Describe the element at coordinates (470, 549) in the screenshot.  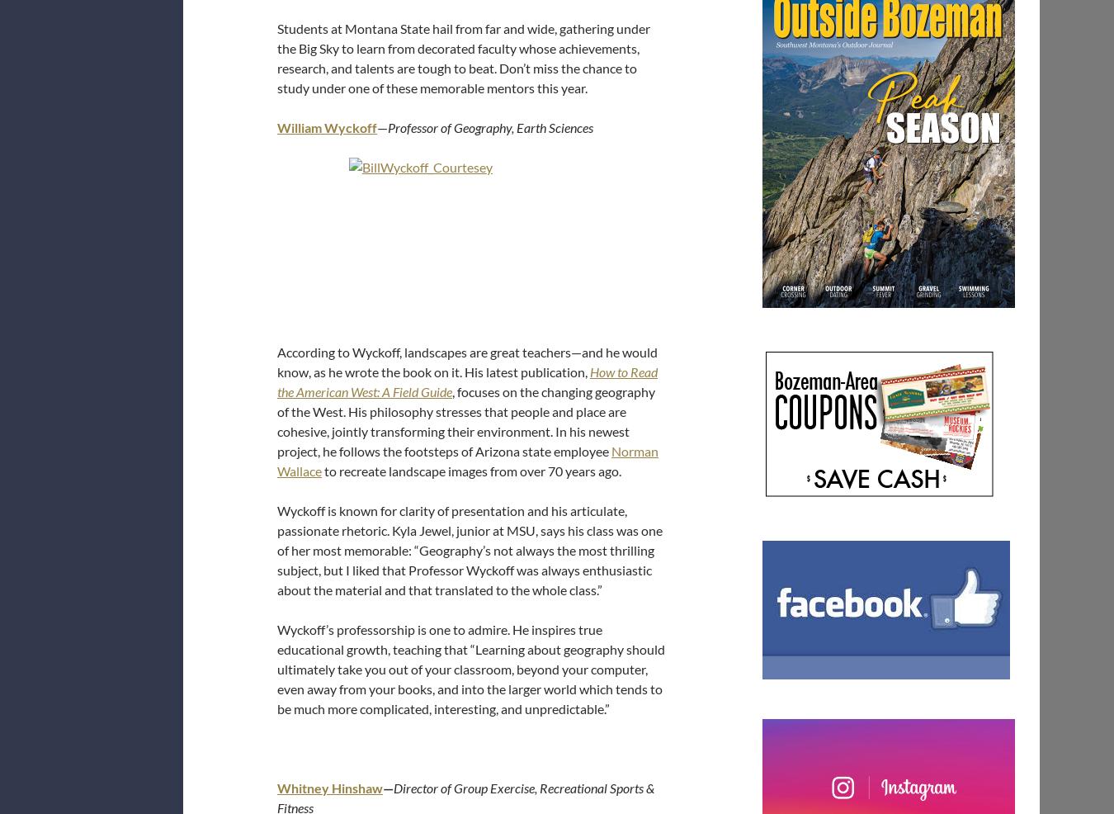
I see `'Wyckoff is known for clarity of presentation and his articulate, passionate rhetoric. Kyla Jewel, junior at MSU, says his class was one of her most memorable: “Geography’s not always the most thrilling subject, but I liked that Professor Wyckoff was always enthusiastic about the material and that translated to the whole class.”'` at that location.